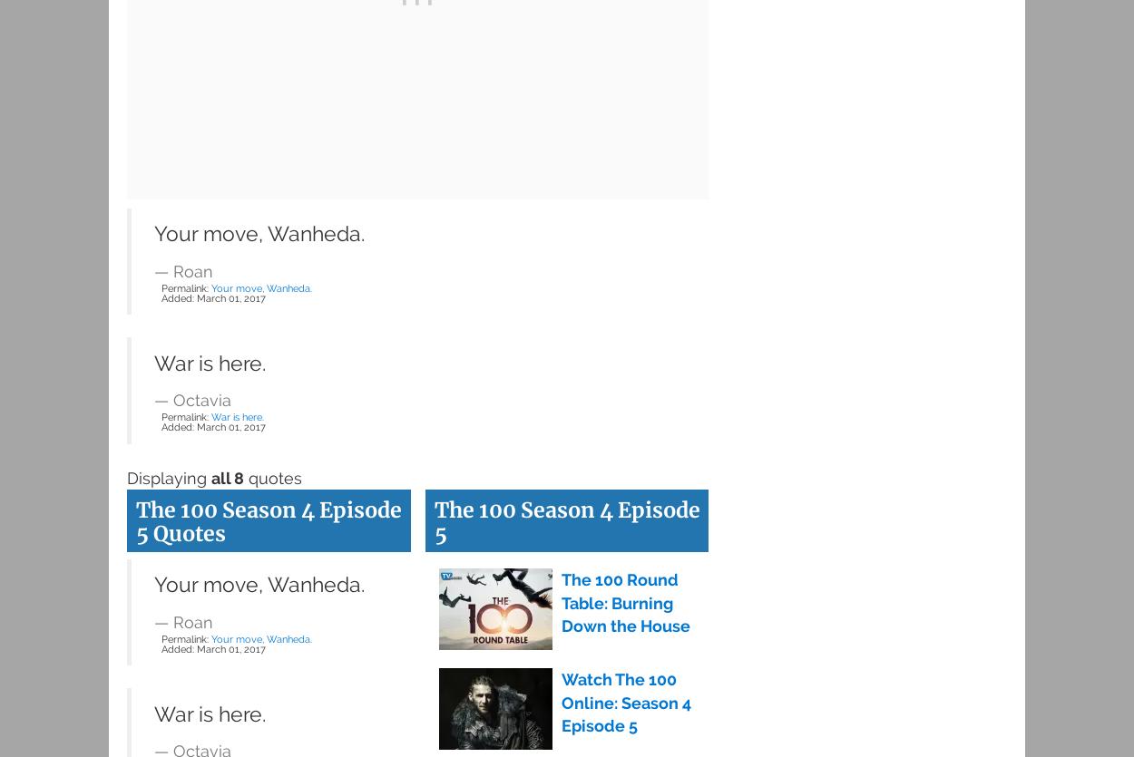 This screenshot has height=757, width=1134. What do you see at coordinates (624, 601) in the screenshot?
I see `'The 100 Round Table: Burning Down the House'` at bounding box center [624, 601].